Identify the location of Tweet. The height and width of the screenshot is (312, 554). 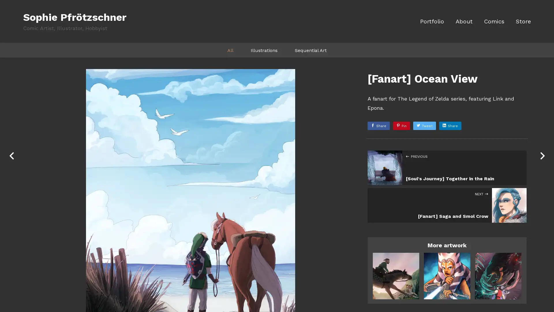
(424, 125).